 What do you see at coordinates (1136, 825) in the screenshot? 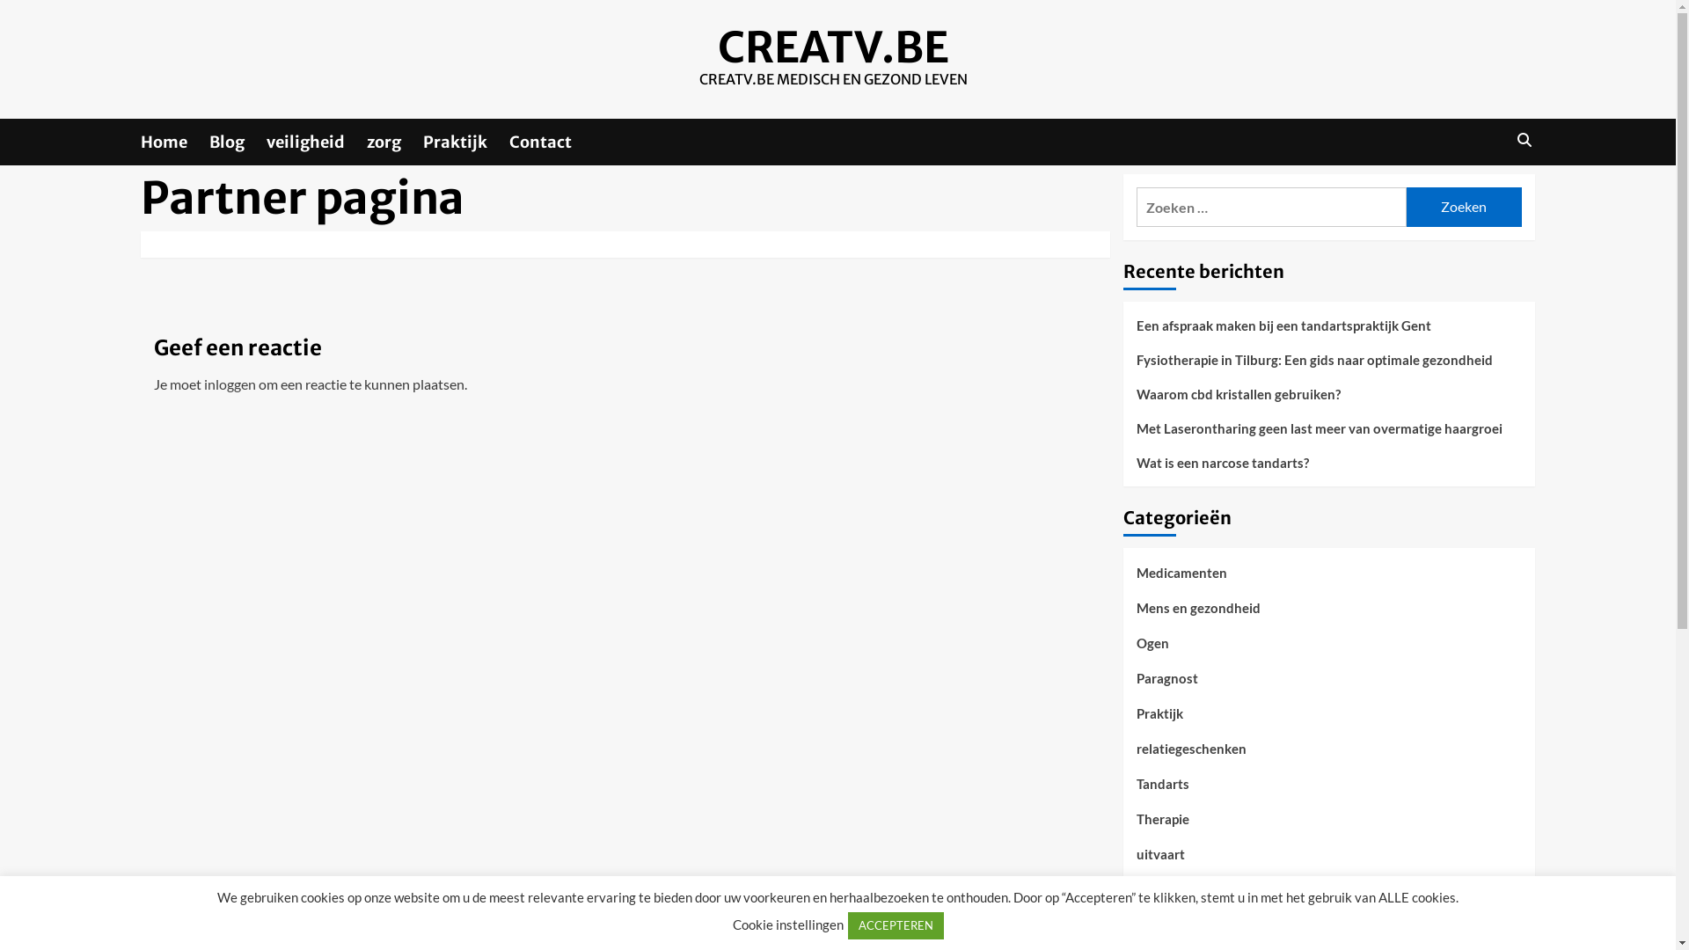
I see `'Therapie'` at bounding box center [1136, 825].